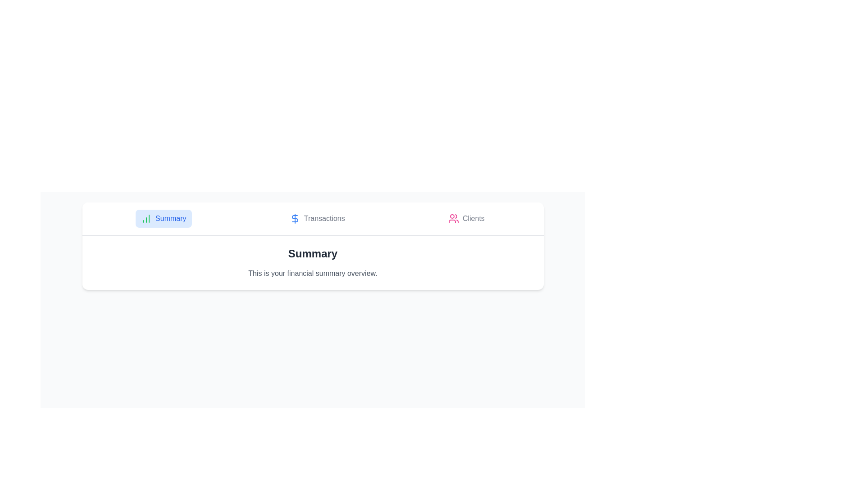 This screenshot has width=865, height=486. Describe the element at coordinates (164, 219) in the screenshot. I see `the Summary tab by clicking on it` at that location.